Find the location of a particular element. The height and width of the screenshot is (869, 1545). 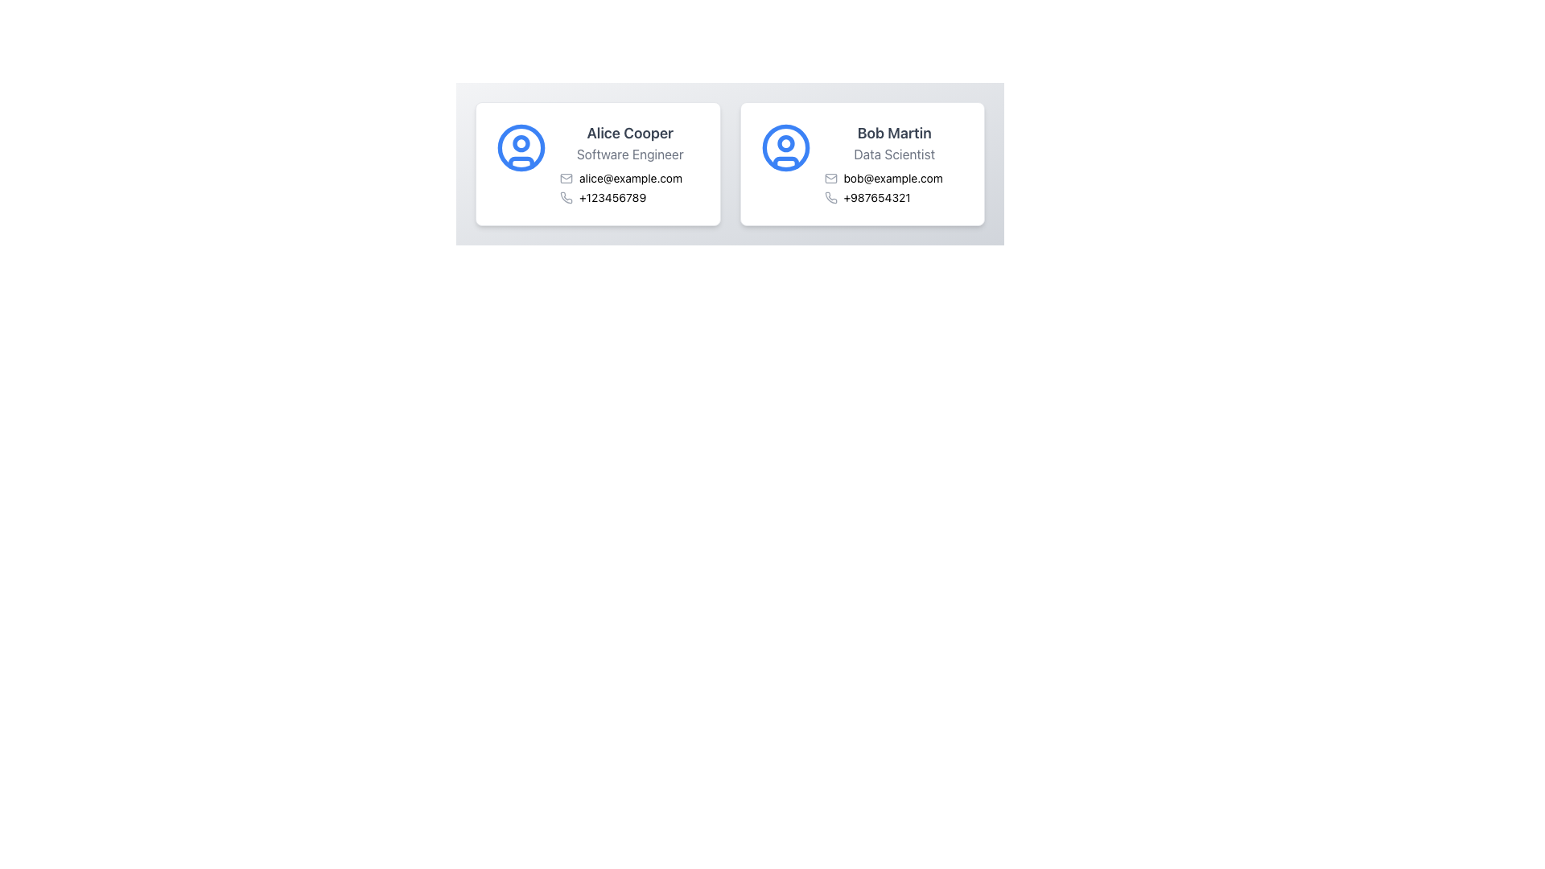

the decorative circular shape with a blue outline that is part of the user avatar icon for 'Alice Cooper', located in the top-left corner of the contact information card is located at coordinates (521, 148).